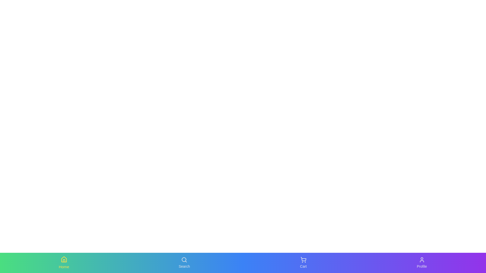 The image size is (486, 273). I want to click on the magnifying glass icon located in the bottom navigation bar to initiate a search, so click(184, 260).